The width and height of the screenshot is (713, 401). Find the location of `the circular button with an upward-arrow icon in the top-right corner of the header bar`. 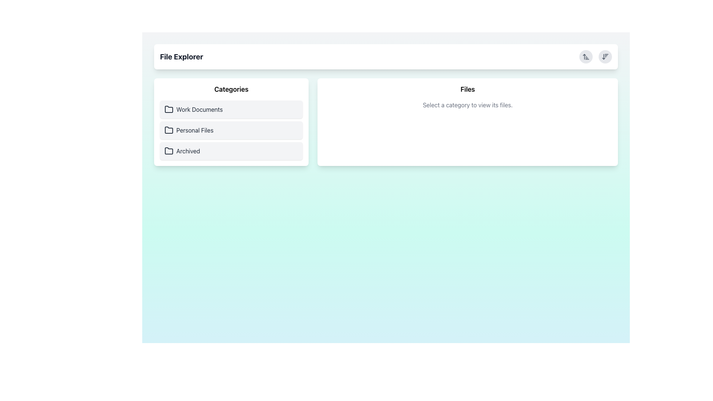

the circular button with an upward-arrow icon in the top-right corner of the header bar is located at coordinates (586, 56).